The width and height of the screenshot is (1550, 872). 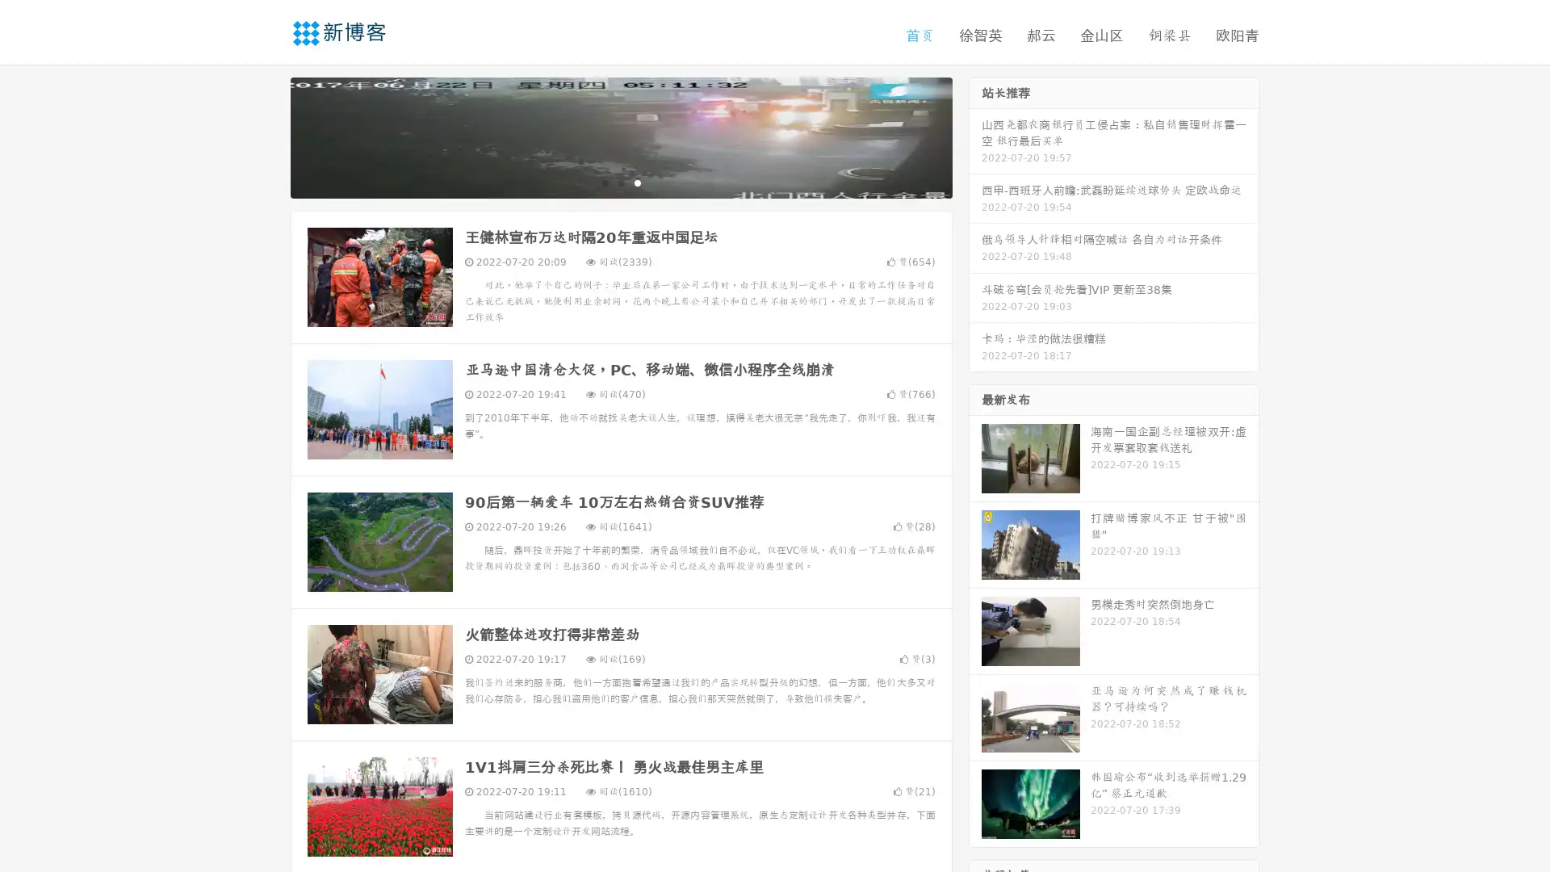 What do you see at coordinates (620, 182) in the screenshot?
I see `Go to slide 2` at bounding box center [620, 182].